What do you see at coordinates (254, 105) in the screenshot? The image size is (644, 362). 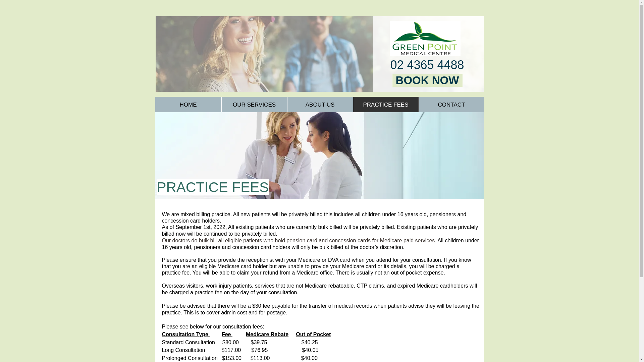 I see `'OUR SERVICES'` at bounding box center [254, 105].